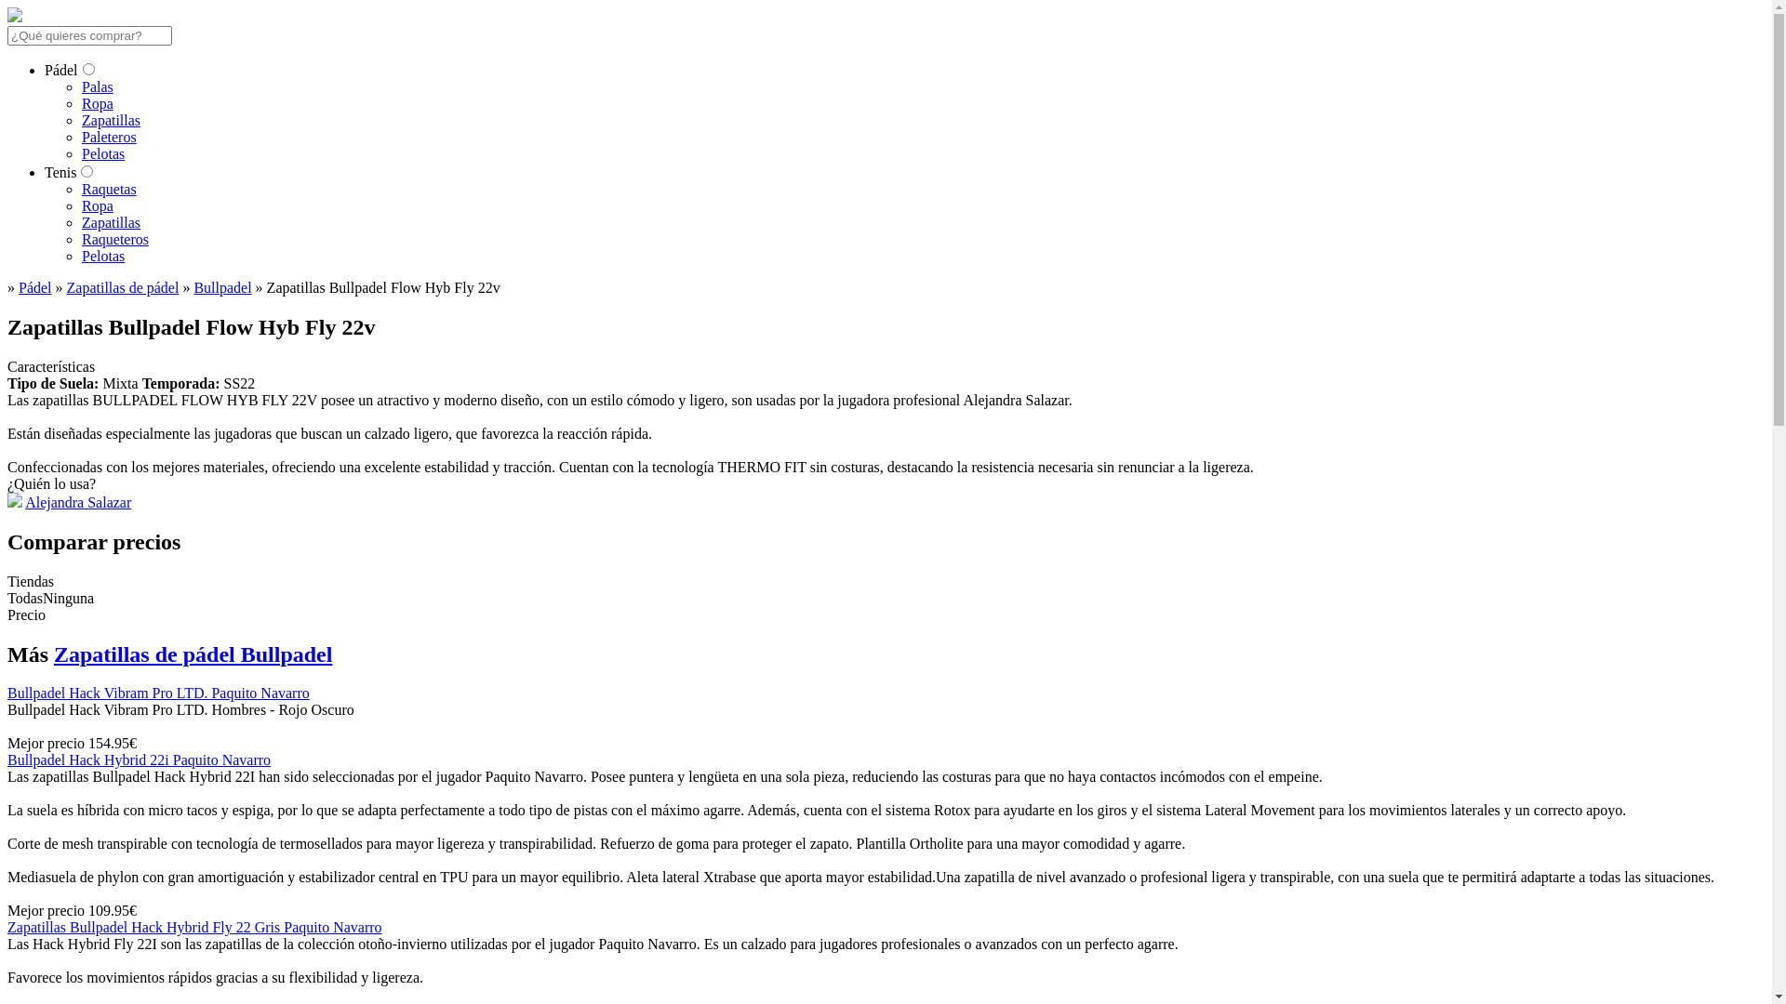 Image resolution: width=1786 pixels, height=1004 pixels. I want to click on 'Palas', so click(97, 86).